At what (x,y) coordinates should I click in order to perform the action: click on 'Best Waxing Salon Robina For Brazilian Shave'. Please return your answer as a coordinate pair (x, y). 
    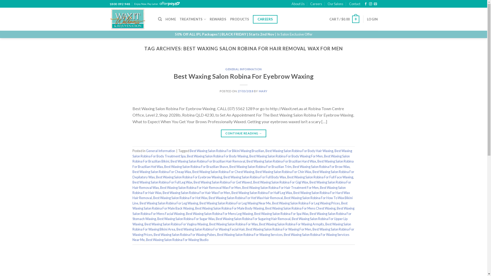
    Looking at the image, I should click on (196, 166).